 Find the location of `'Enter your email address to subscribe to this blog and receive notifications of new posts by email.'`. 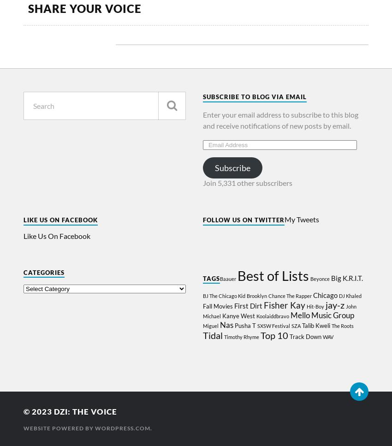

'Enter your email address to subscribe to this blog and receive notifications of new posts by email.' is located at coordinates (279, 119).